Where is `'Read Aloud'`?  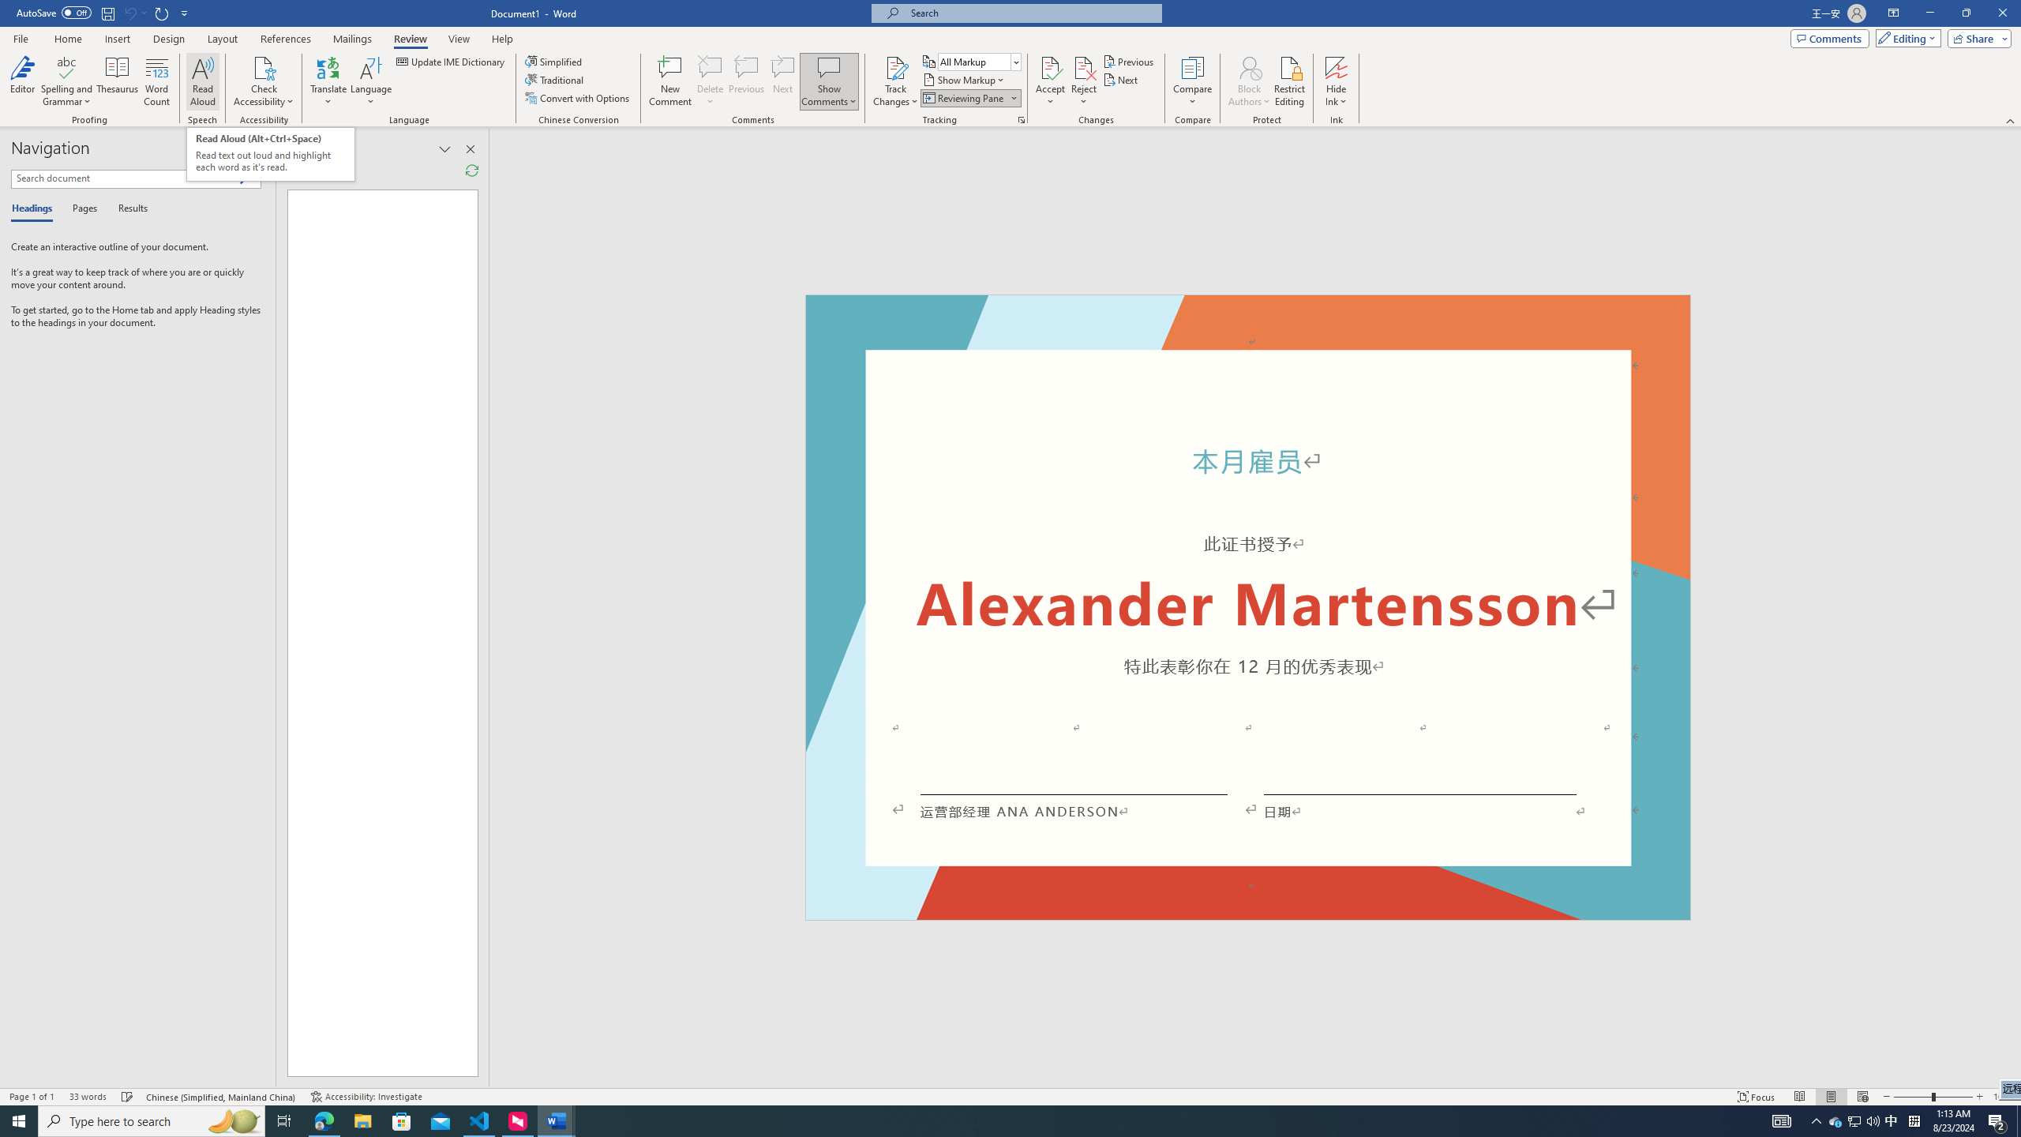 'Read Aloud' is located at coordinates (202, 81).